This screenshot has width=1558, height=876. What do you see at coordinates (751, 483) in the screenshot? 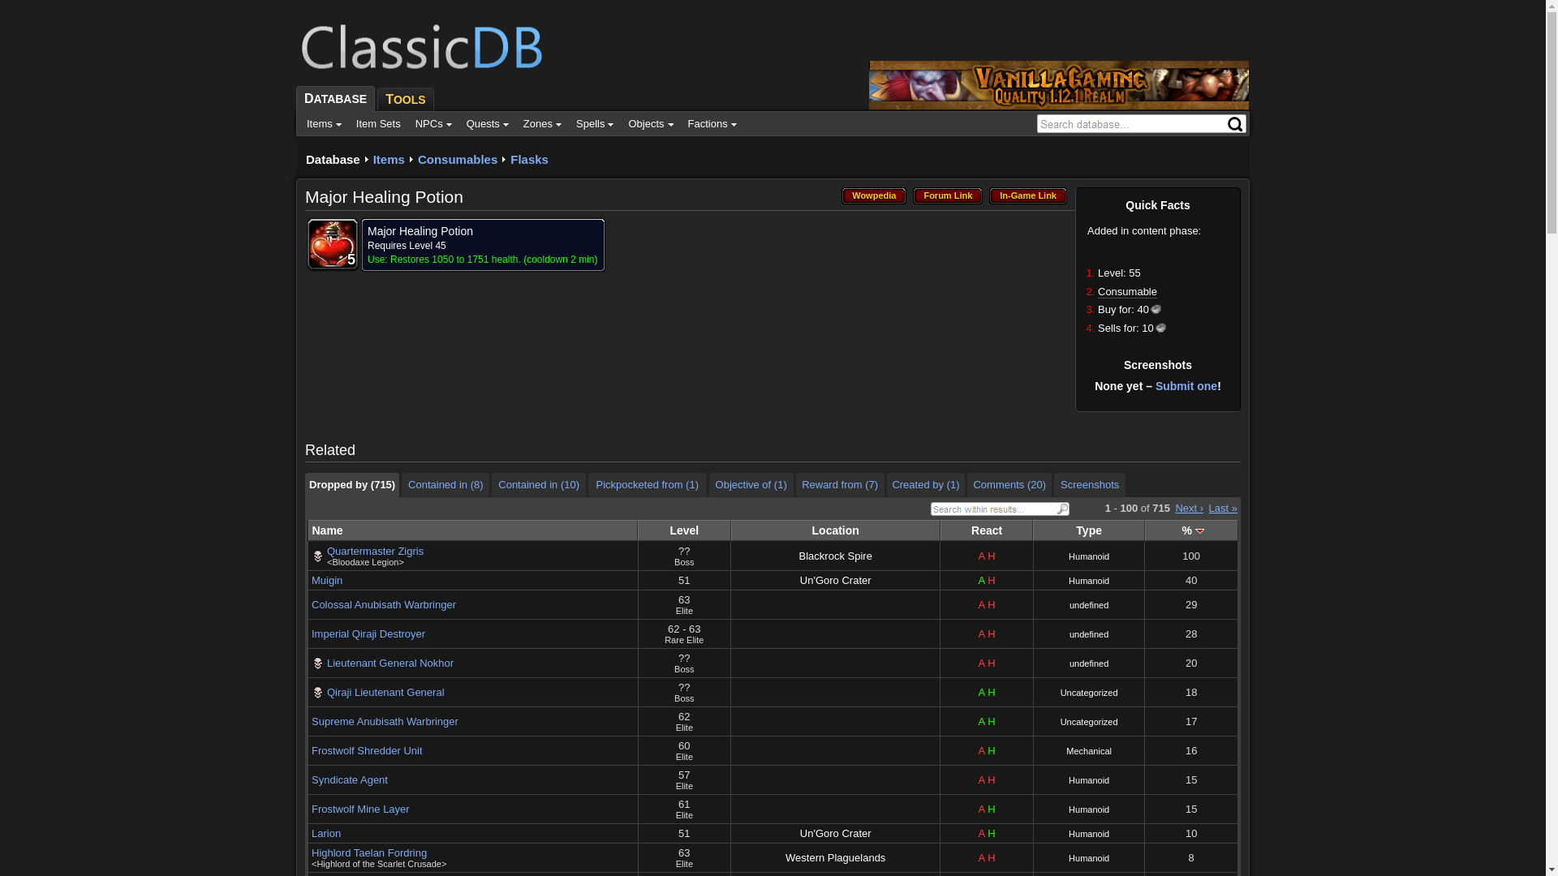
I see `'Objective of (1)'` at bounding box center [751, 483].